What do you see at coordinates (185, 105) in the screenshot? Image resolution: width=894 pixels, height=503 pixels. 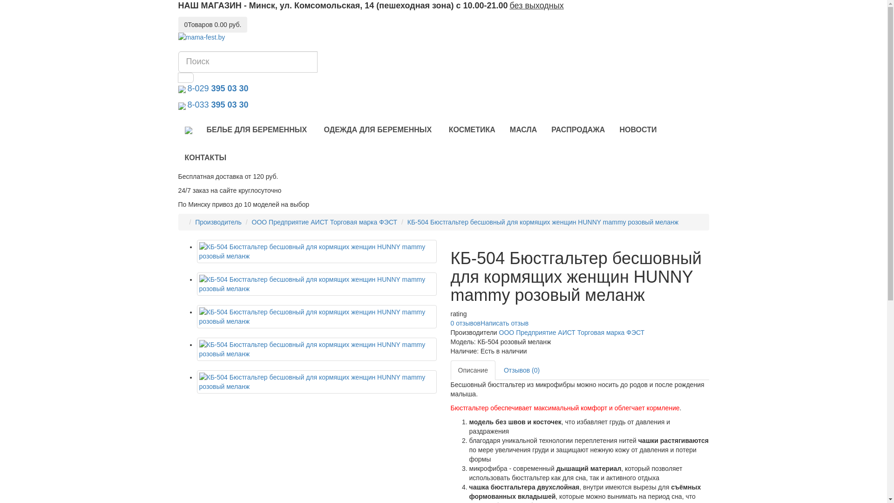 I see `'8-033 395 03 30'` at bounding box center [185, 105].